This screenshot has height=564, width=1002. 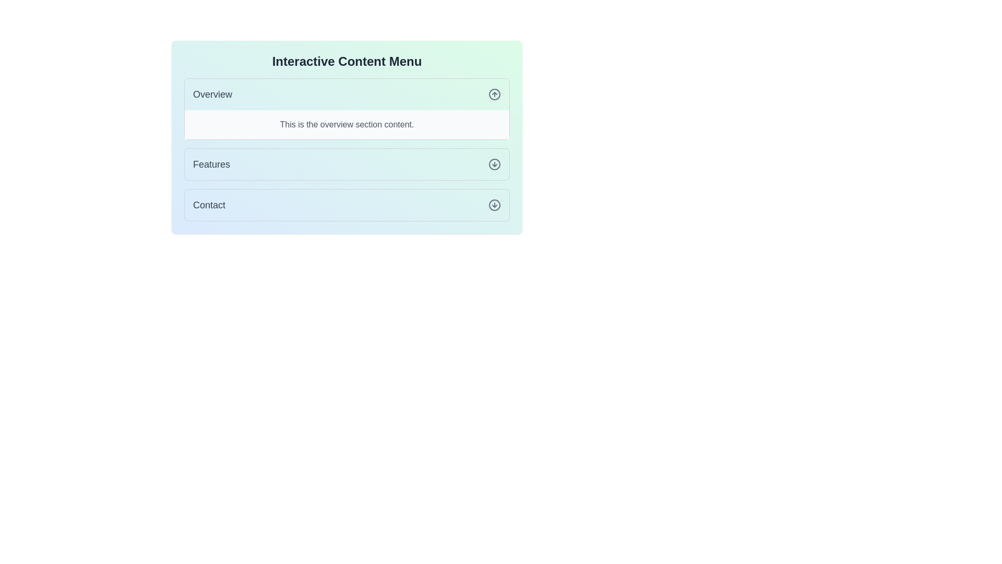 What do you see at coordinates (494, 164) in the screenshot?
I see `the circular icon with a downward arrow located to the right of the 'Features' button in the vertical stack of menu items` at bounding box center [494, 164].